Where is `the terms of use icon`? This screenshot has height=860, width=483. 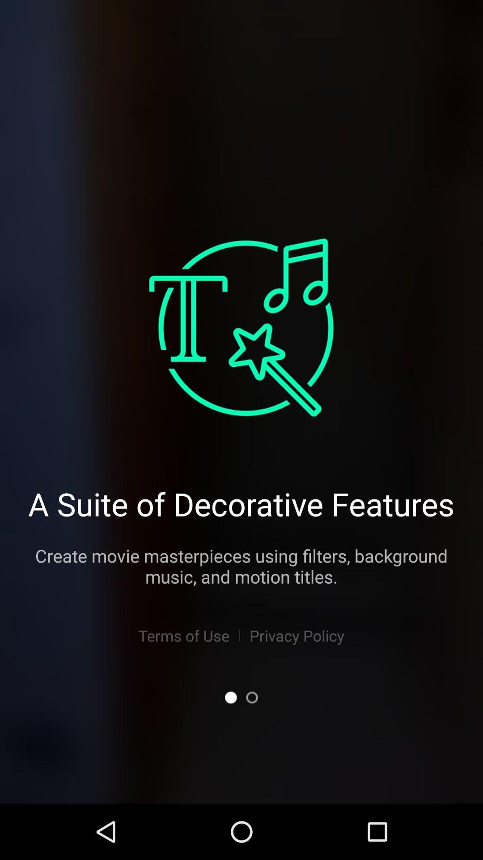 the terms of use icon is located at coordinates (183, 635).